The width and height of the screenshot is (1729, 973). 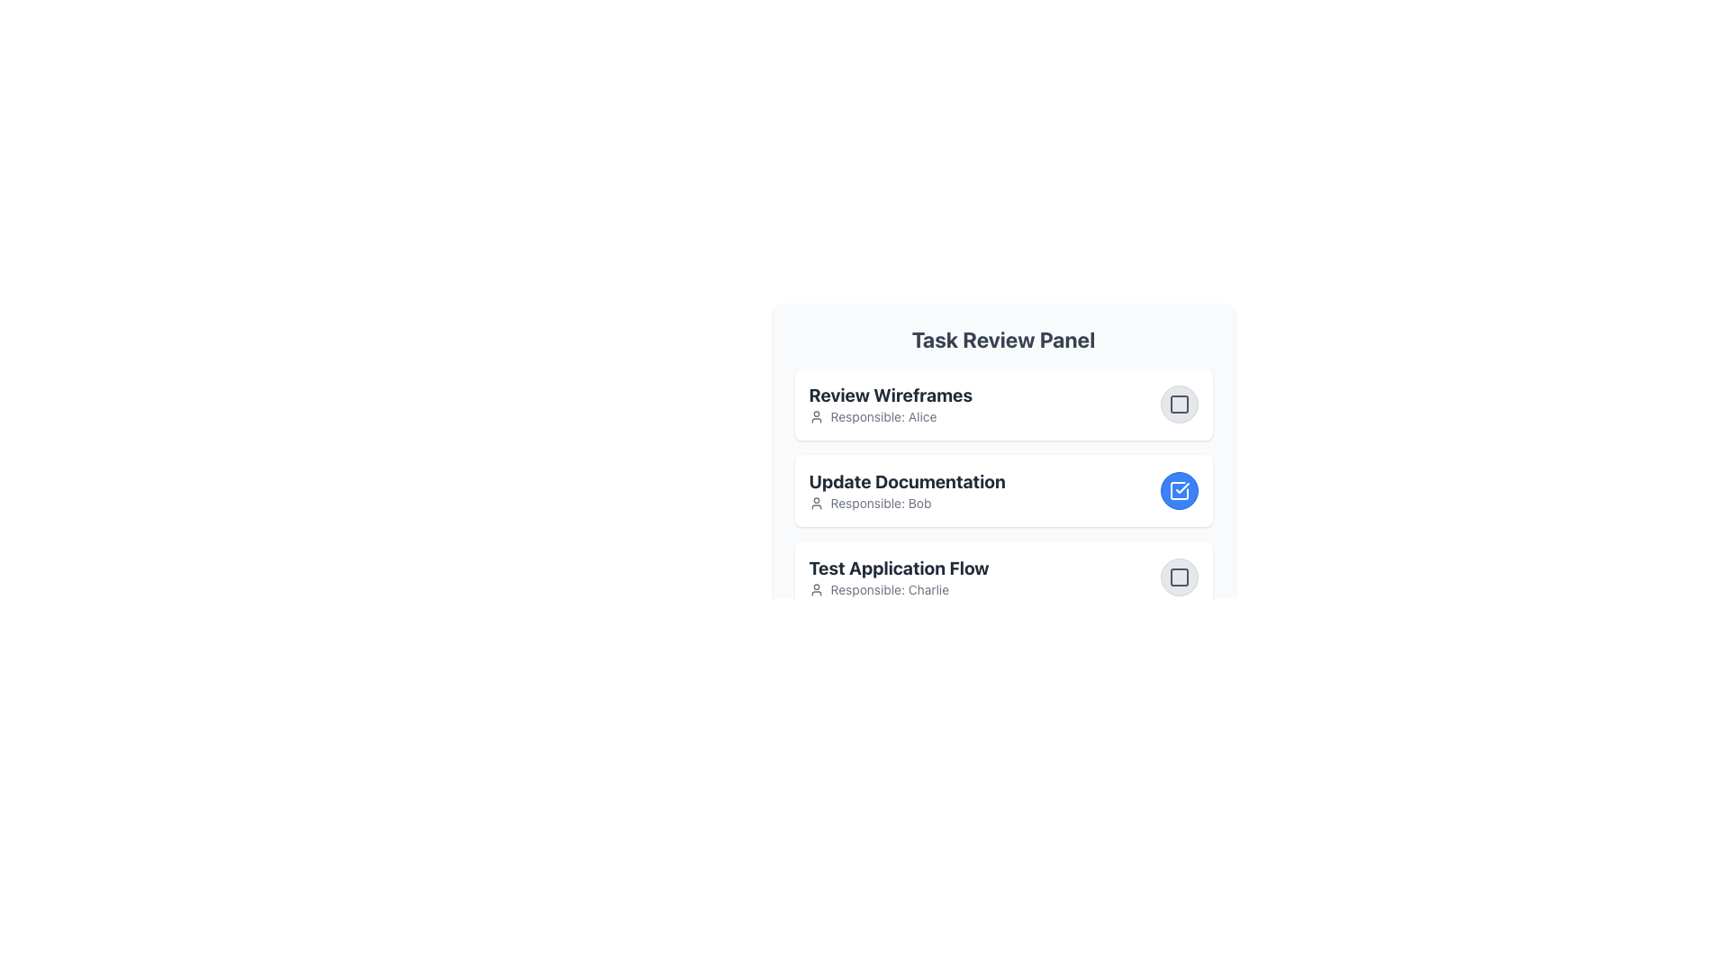 What do you see at coordinates (899, 577) in the screenshot?
I see `the task entry list item that indicates the title of the task and the person responsible for it, located in the 'Task Review Panel' interface as the third item below 'Update Documentation'` at bounding box center [899, 577].